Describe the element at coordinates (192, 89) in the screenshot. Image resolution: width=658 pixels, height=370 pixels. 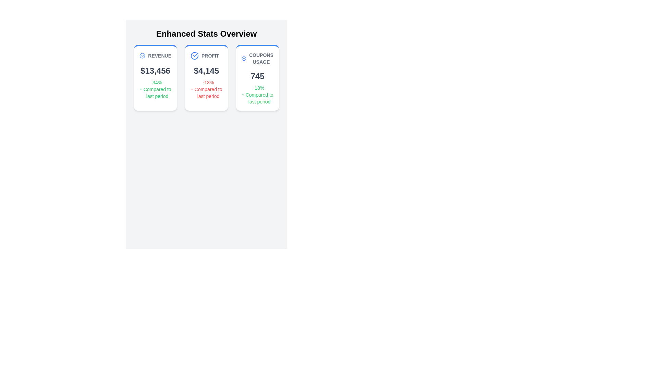
I see `the decorative downward trend arrow icon located on the left side of the text '-13% Compared to last period' within the second card structure representing 'PROFIT'` at that location.